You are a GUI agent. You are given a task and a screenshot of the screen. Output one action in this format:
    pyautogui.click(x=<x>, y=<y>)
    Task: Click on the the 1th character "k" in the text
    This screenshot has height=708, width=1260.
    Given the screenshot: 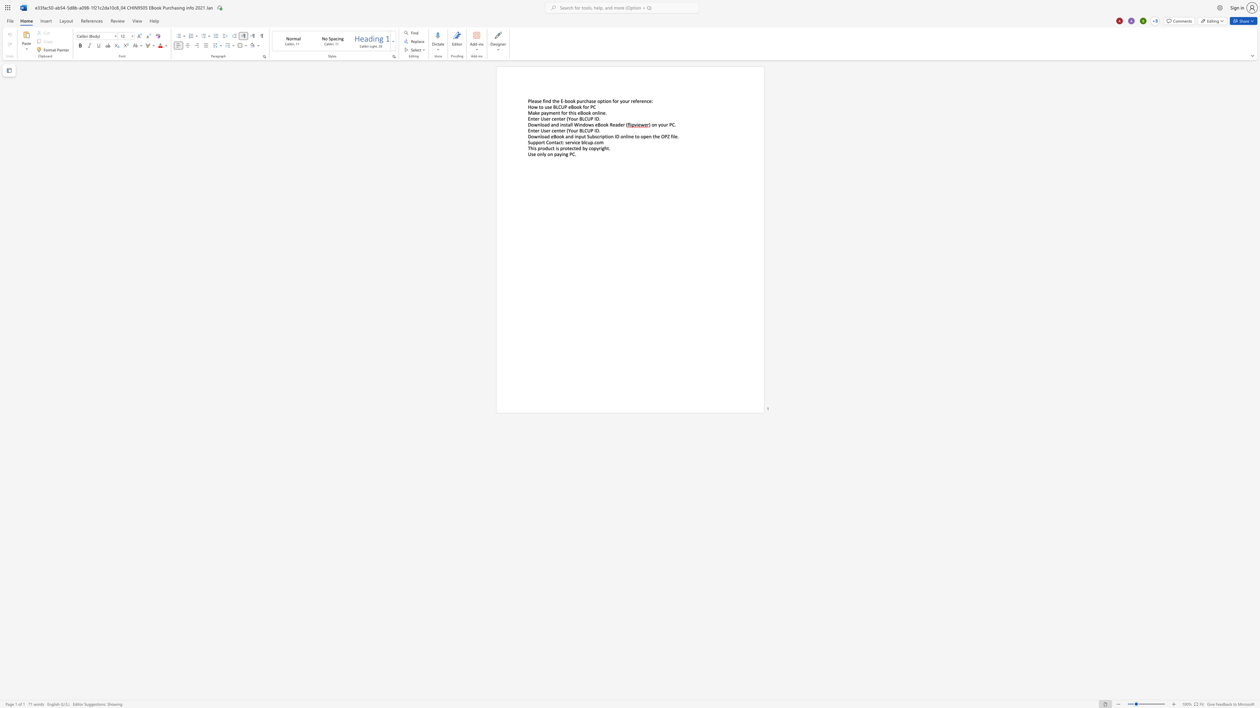 What is the action you would take?
    pyautogui.click(x=536, y=112)
    